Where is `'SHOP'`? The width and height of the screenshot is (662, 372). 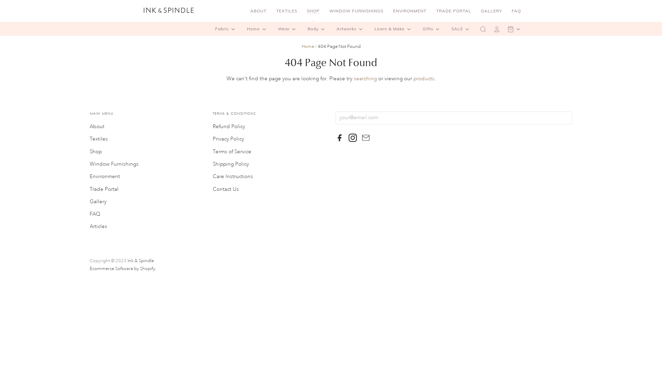 'SHOP' is located at coordinates (313, 11).